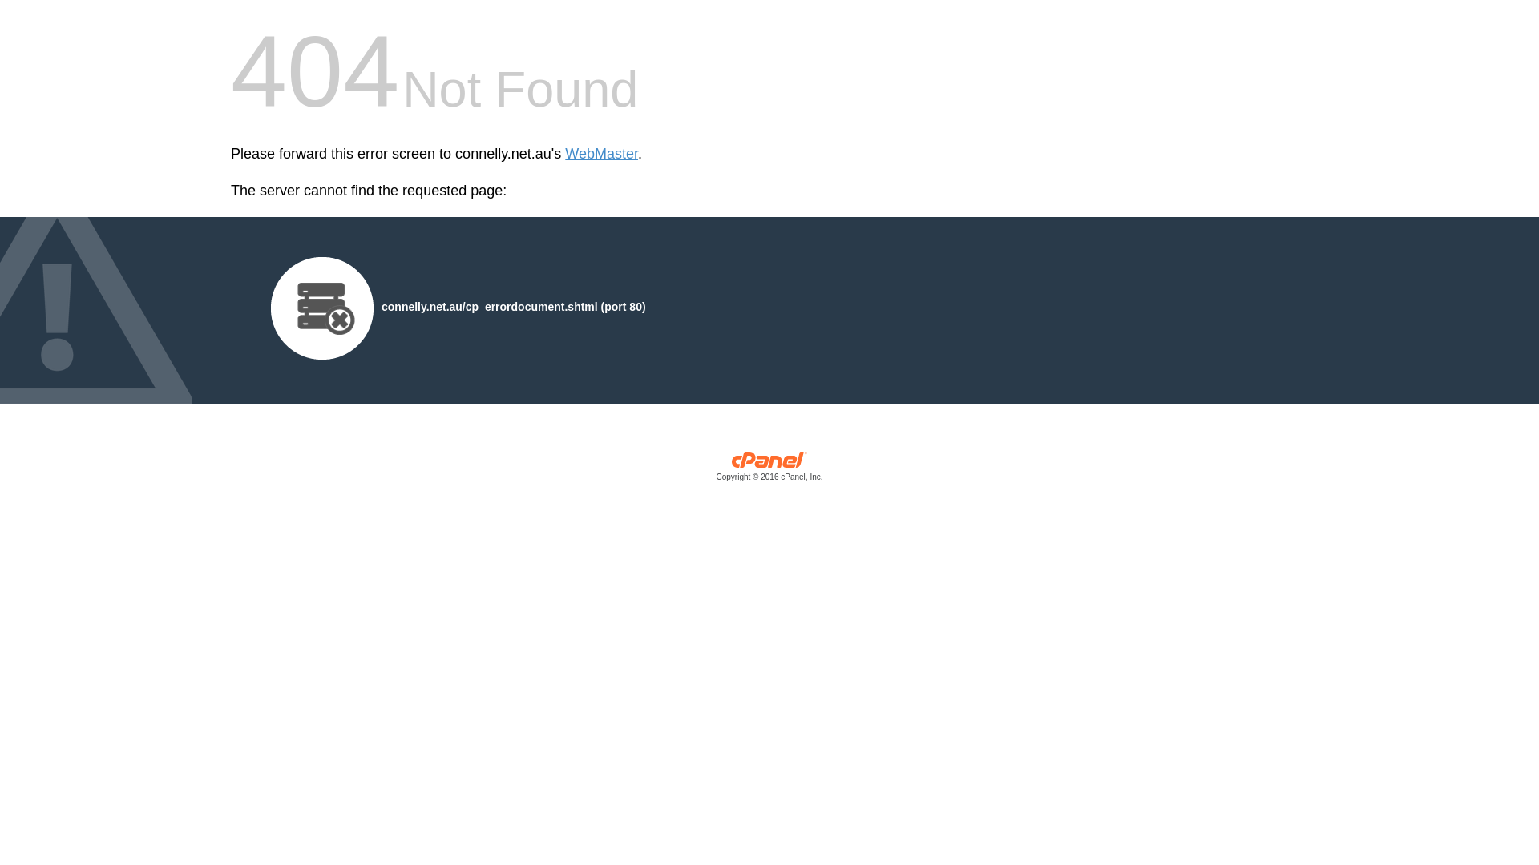 The height and width of the screenshot is (865, 1539). What do you see at coordinates (565, 154) in the screenshot?
I see `'WebMaster'` at bounding box center [565, 154].